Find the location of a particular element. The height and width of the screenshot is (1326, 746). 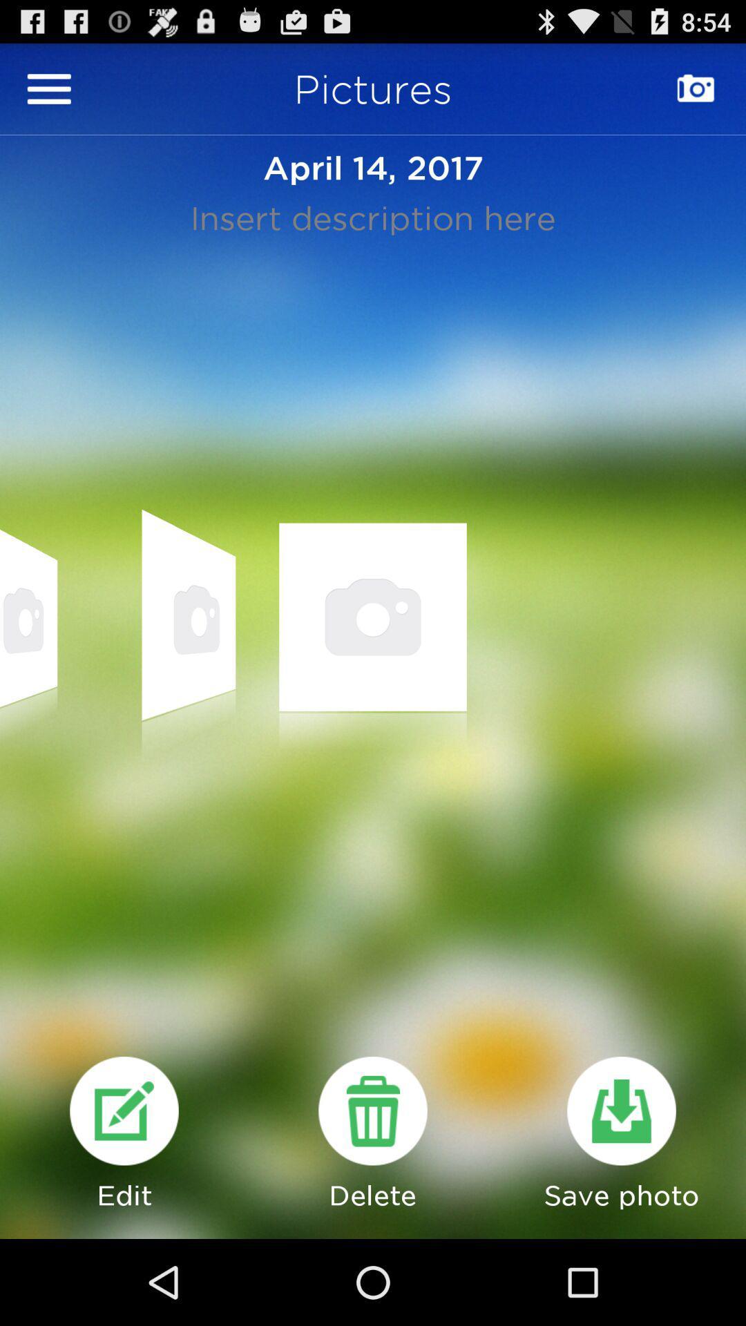

the menu icon is located at coordinates (48, 95).